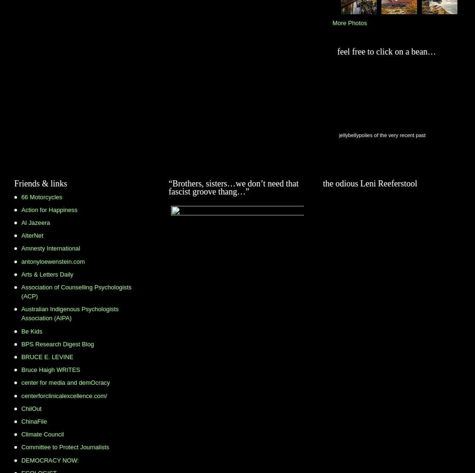 The width and height of the screenshot is (475, 473). Describe the element at coordinates (370, 183) in the screenshot. I see `'the odious Leni Reeferstool'` at that location.